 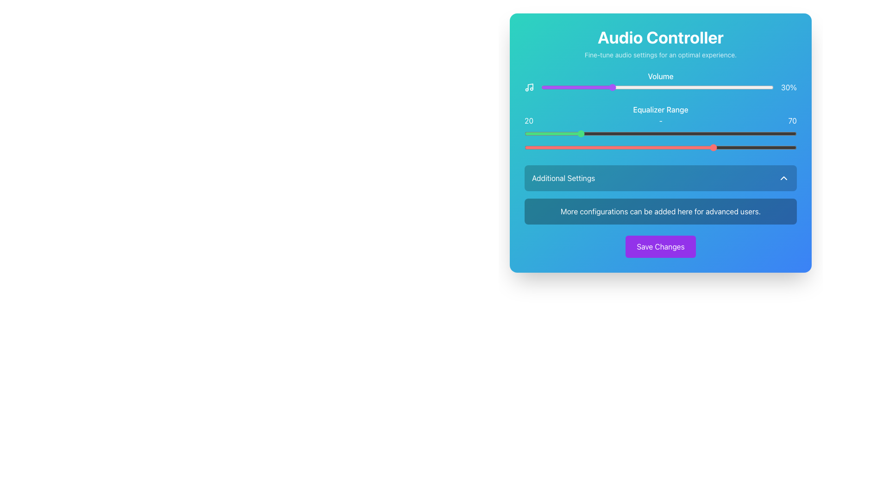 What do you see at coordinates (660, 147) in the screenshot?
I see `the knob of the second slider in the 'Equalizer Range' section` at bounding box center [660, 147].